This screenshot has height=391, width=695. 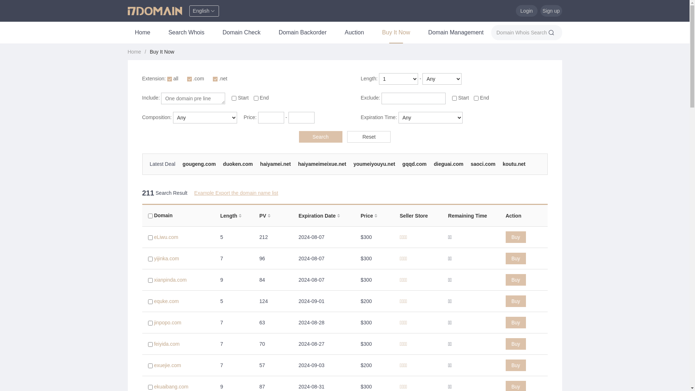 What do you see at coordinates (170, 279) in the screenshot?
I see `'xianpinda.com'` at bounding box center [170, 279].